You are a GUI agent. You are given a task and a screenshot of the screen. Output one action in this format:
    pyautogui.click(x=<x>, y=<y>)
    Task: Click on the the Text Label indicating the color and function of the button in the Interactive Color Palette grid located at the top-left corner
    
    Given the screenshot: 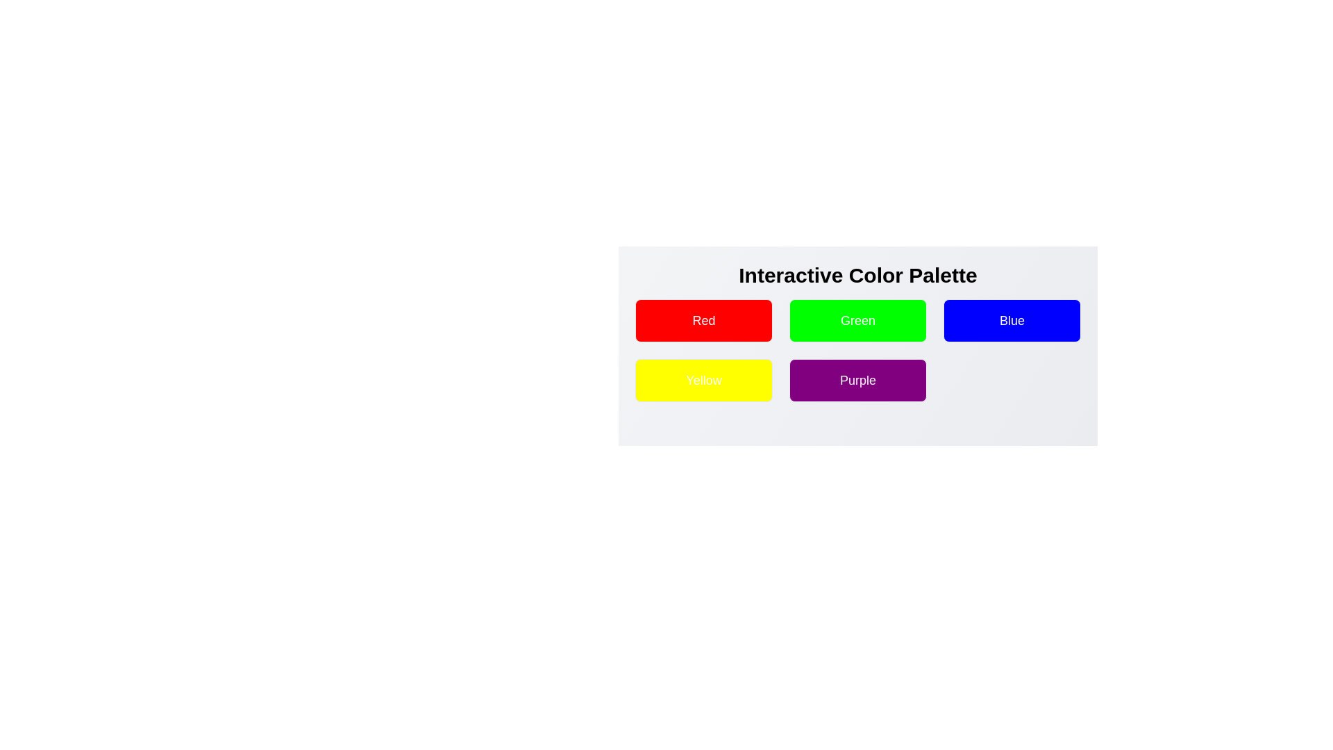 What is the action you would take?
    pyautogui.click(x=703, y=321)
    